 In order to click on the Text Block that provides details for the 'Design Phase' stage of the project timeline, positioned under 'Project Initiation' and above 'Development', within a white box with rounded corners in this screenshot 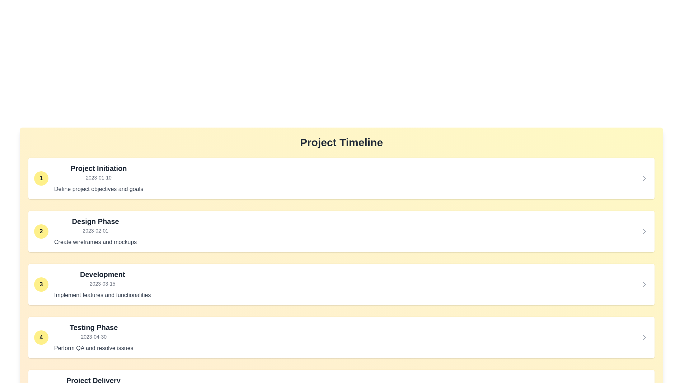, I will do `click(95, 231)`.